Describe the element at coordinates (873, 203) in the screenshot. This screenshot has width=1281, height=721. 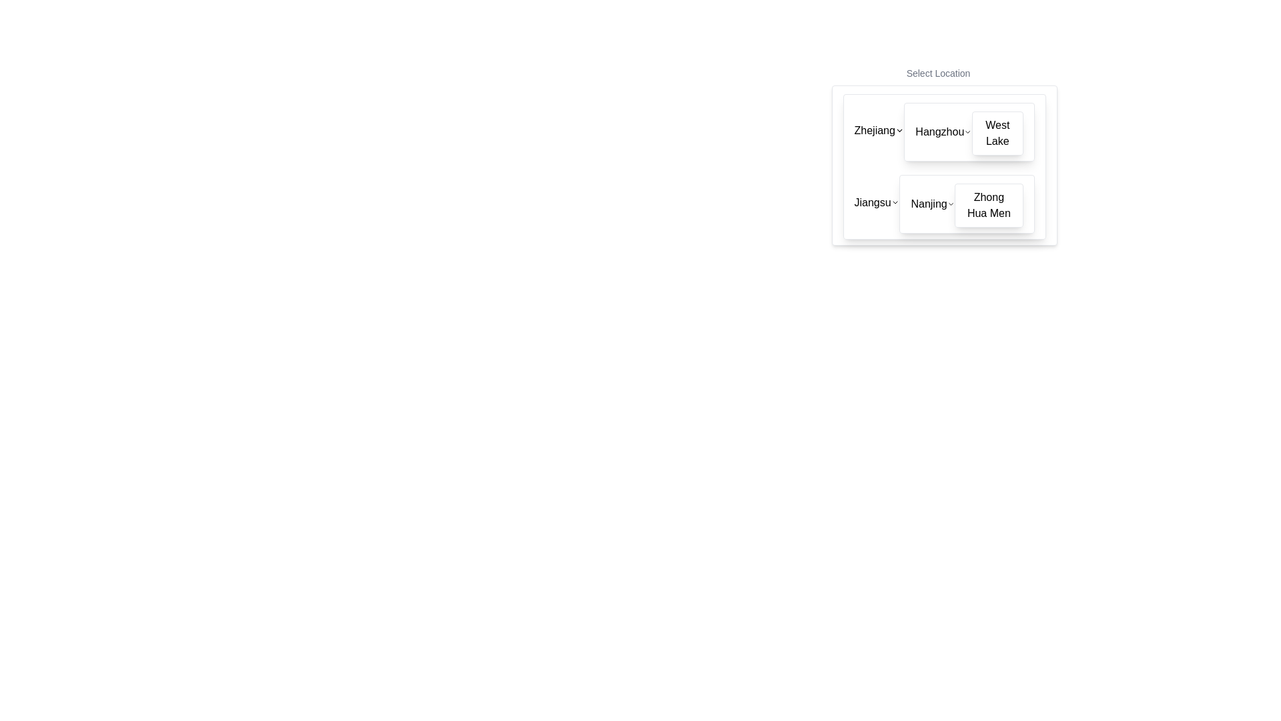
I see `the selectable menu item labeled 'Jiangsu' located in the bottom-left area of the dropdown UI` at that location.